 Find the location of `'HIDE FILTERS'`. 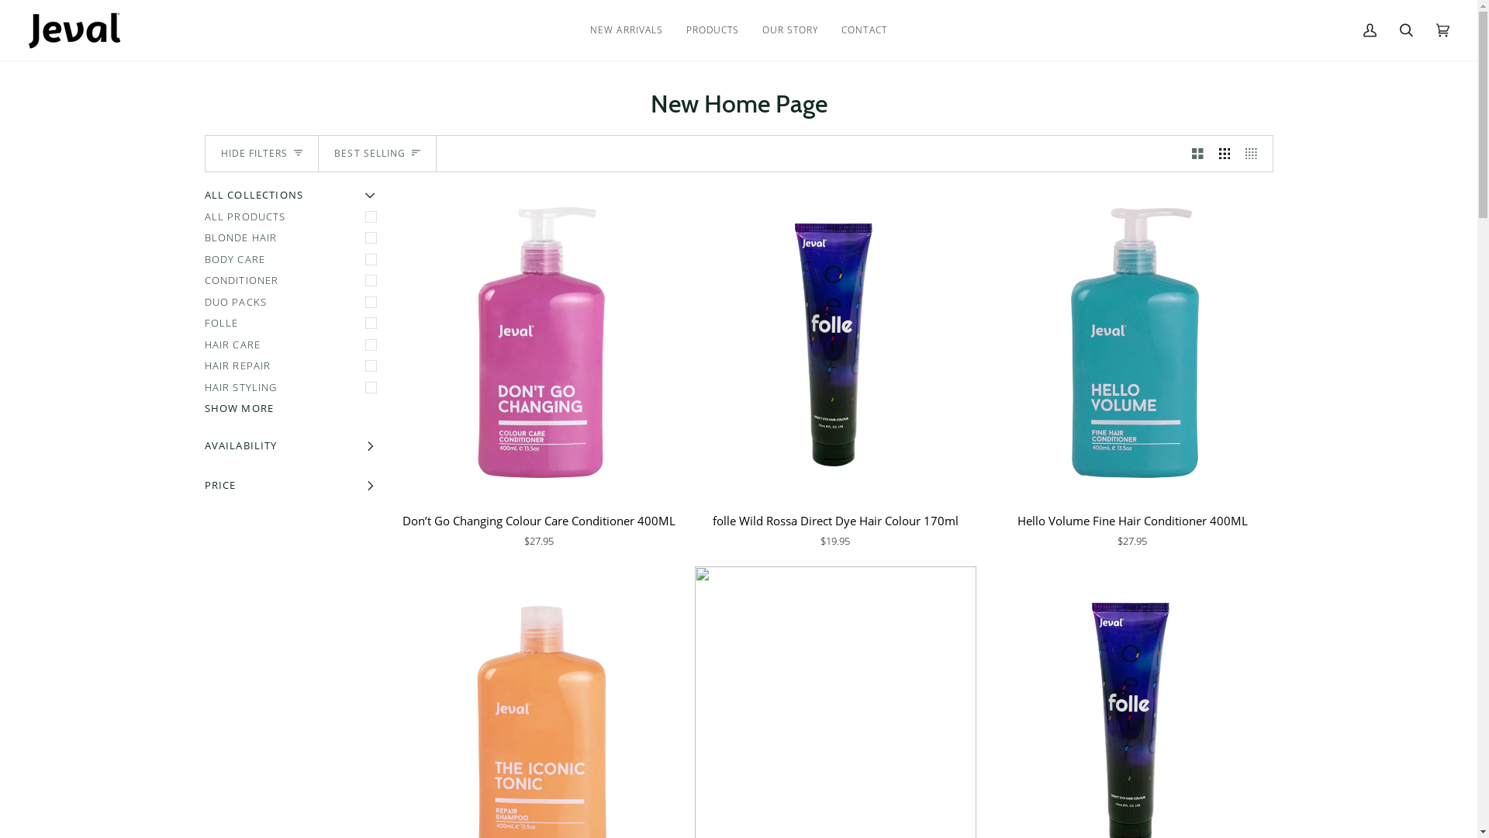

'HIDE FILTERS' is located at coordinates (261, 153).